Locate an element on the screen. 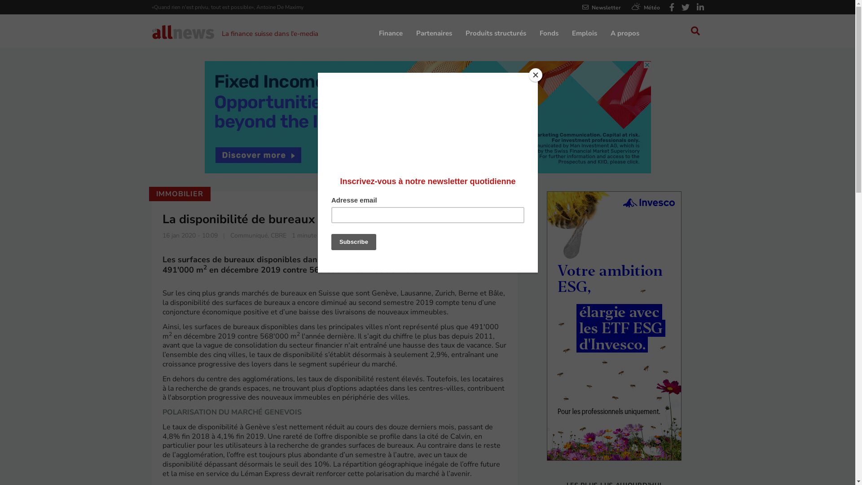  'Linkedin' is located at coordinates (696, 8).